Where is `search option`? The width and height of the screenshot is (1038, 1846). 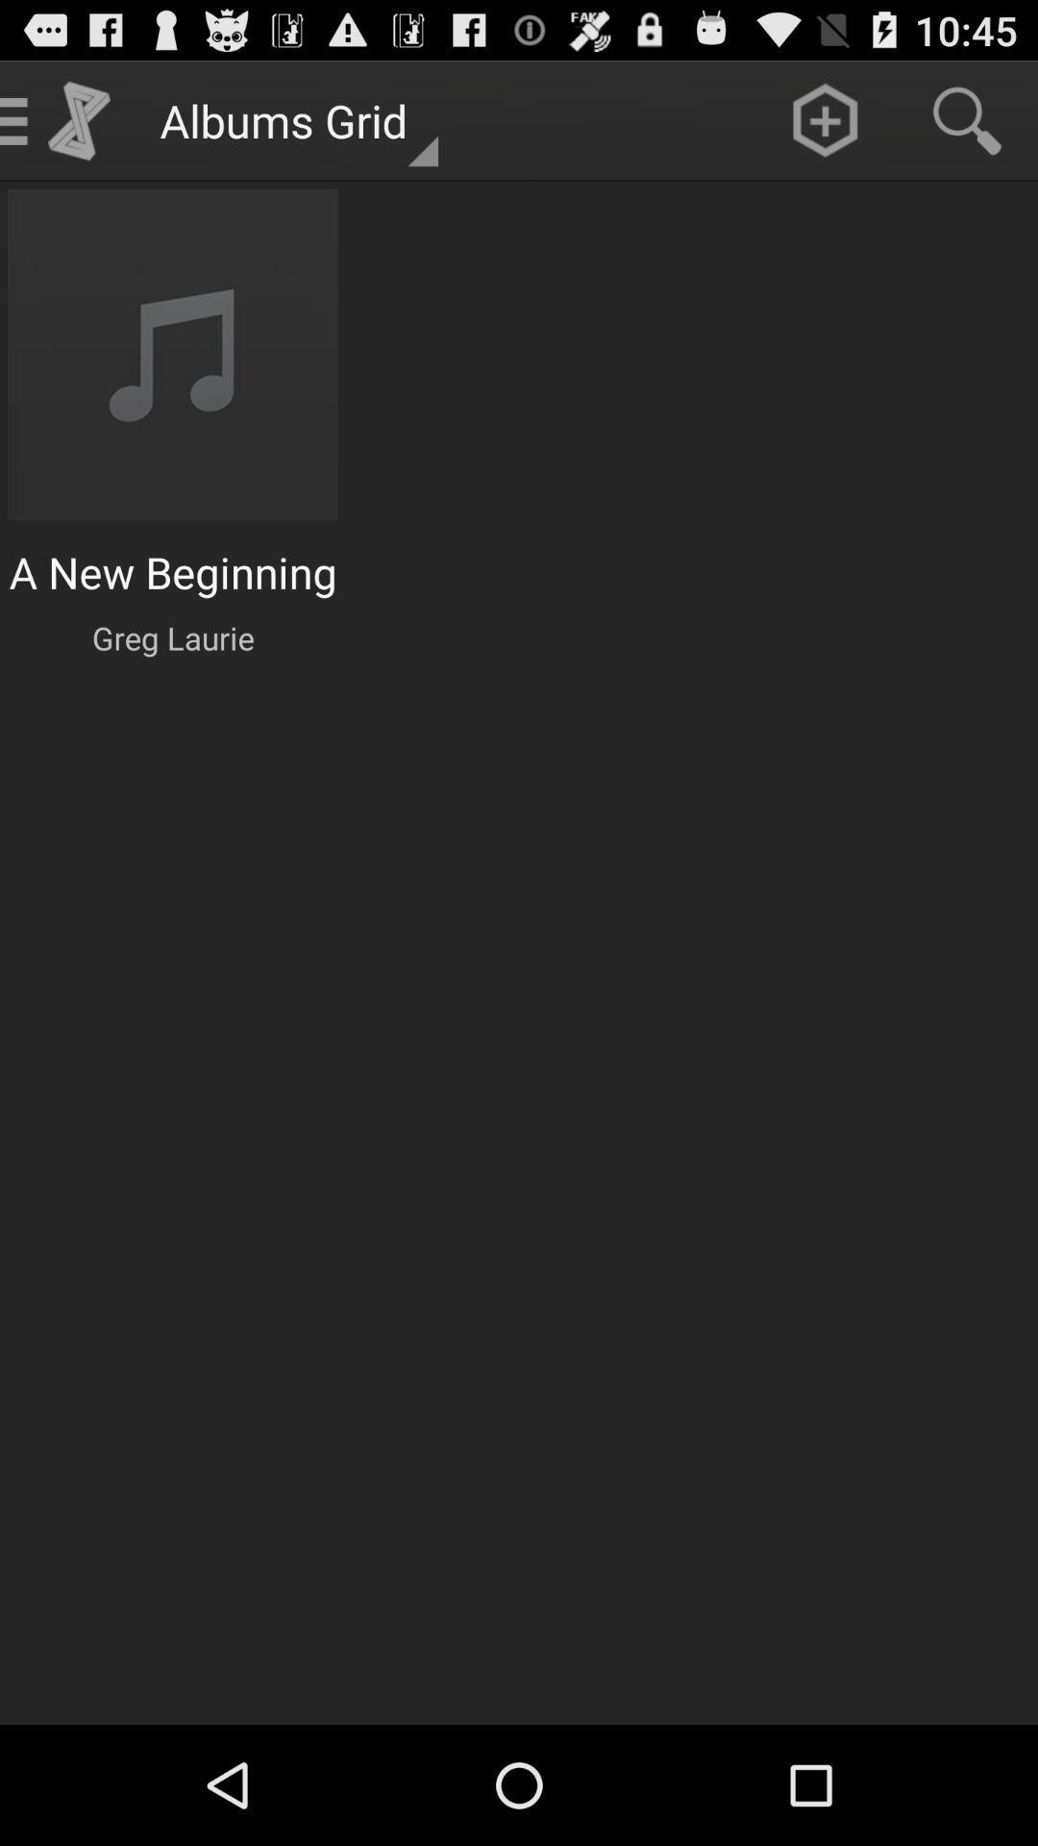 search option is located at coordinates (967, 119).